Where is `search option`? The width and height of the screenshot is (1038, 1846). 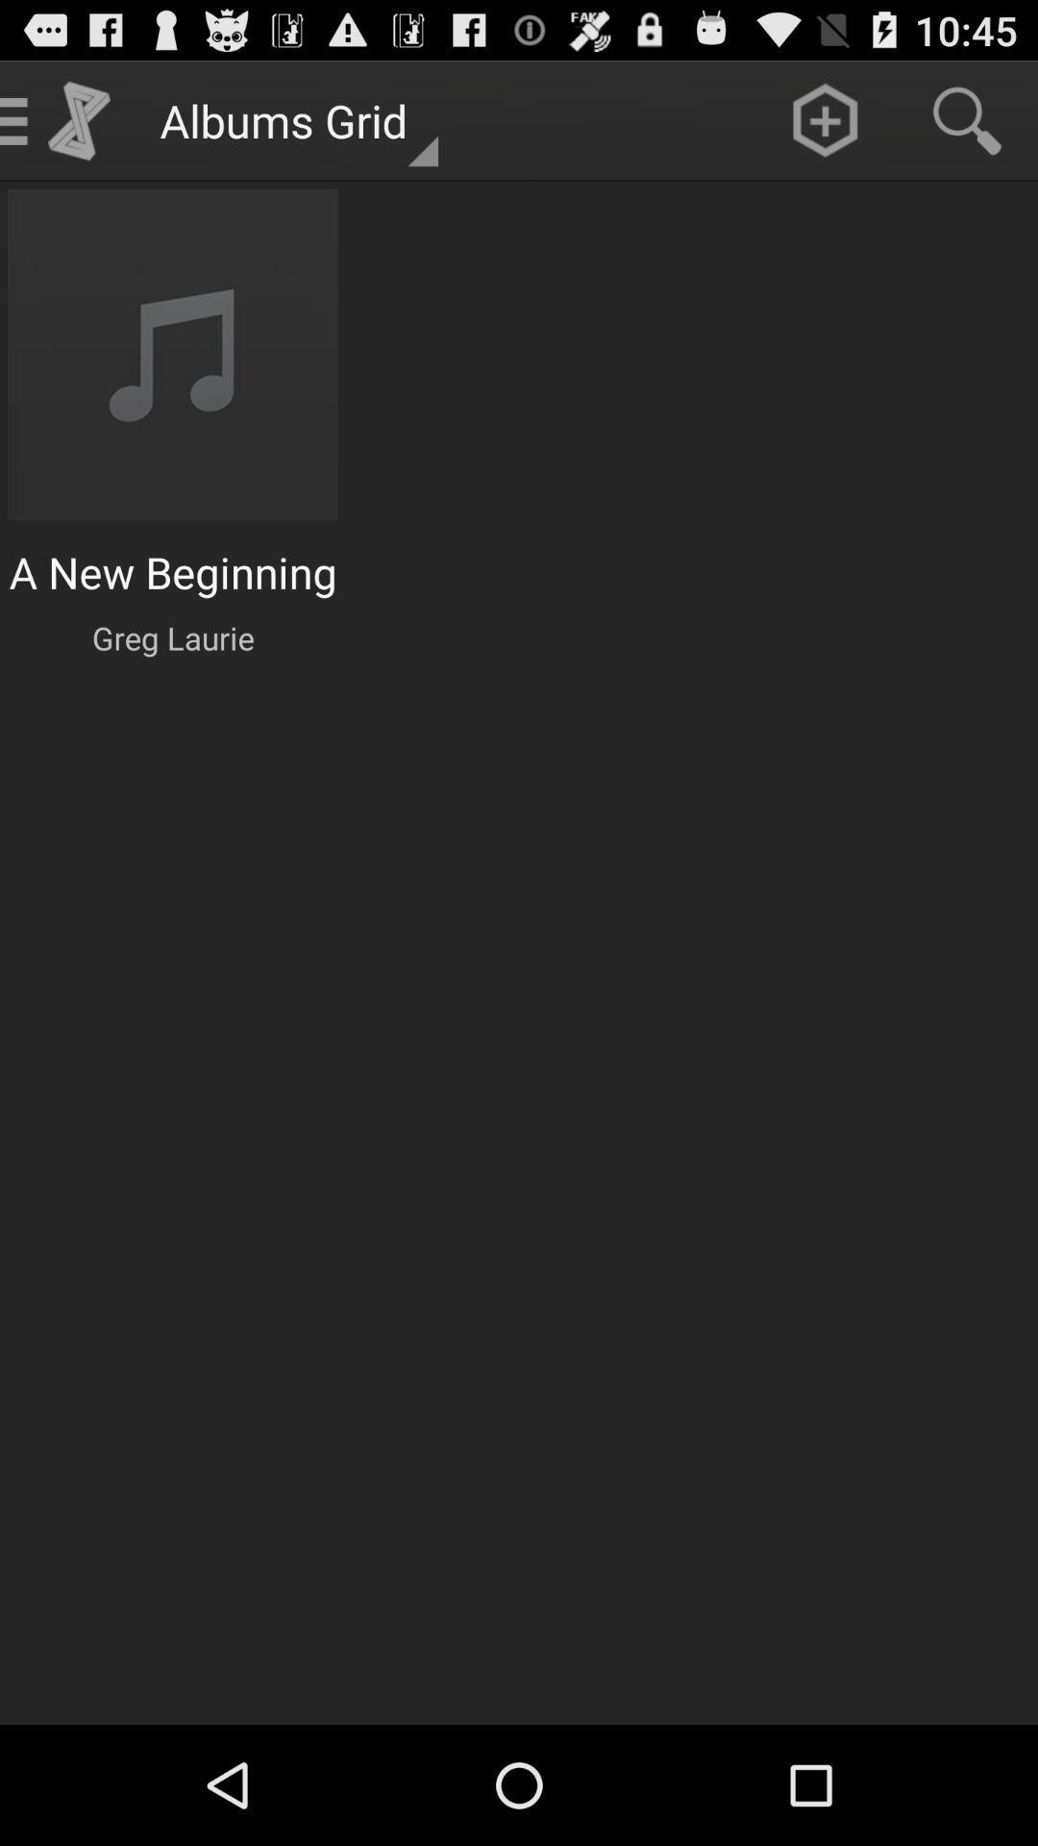 search option is located at coordinates (967, 119).